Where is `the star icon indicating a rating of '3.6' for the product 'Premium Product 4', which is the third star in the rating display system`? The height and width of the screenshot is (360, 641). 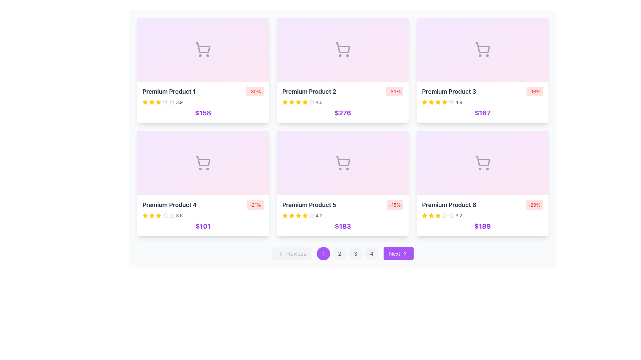
the star icon indicating a rating of '3.6' for the product 'Premium Product 4', which is the third star in the rating display system is located at coordinates (152, 216).